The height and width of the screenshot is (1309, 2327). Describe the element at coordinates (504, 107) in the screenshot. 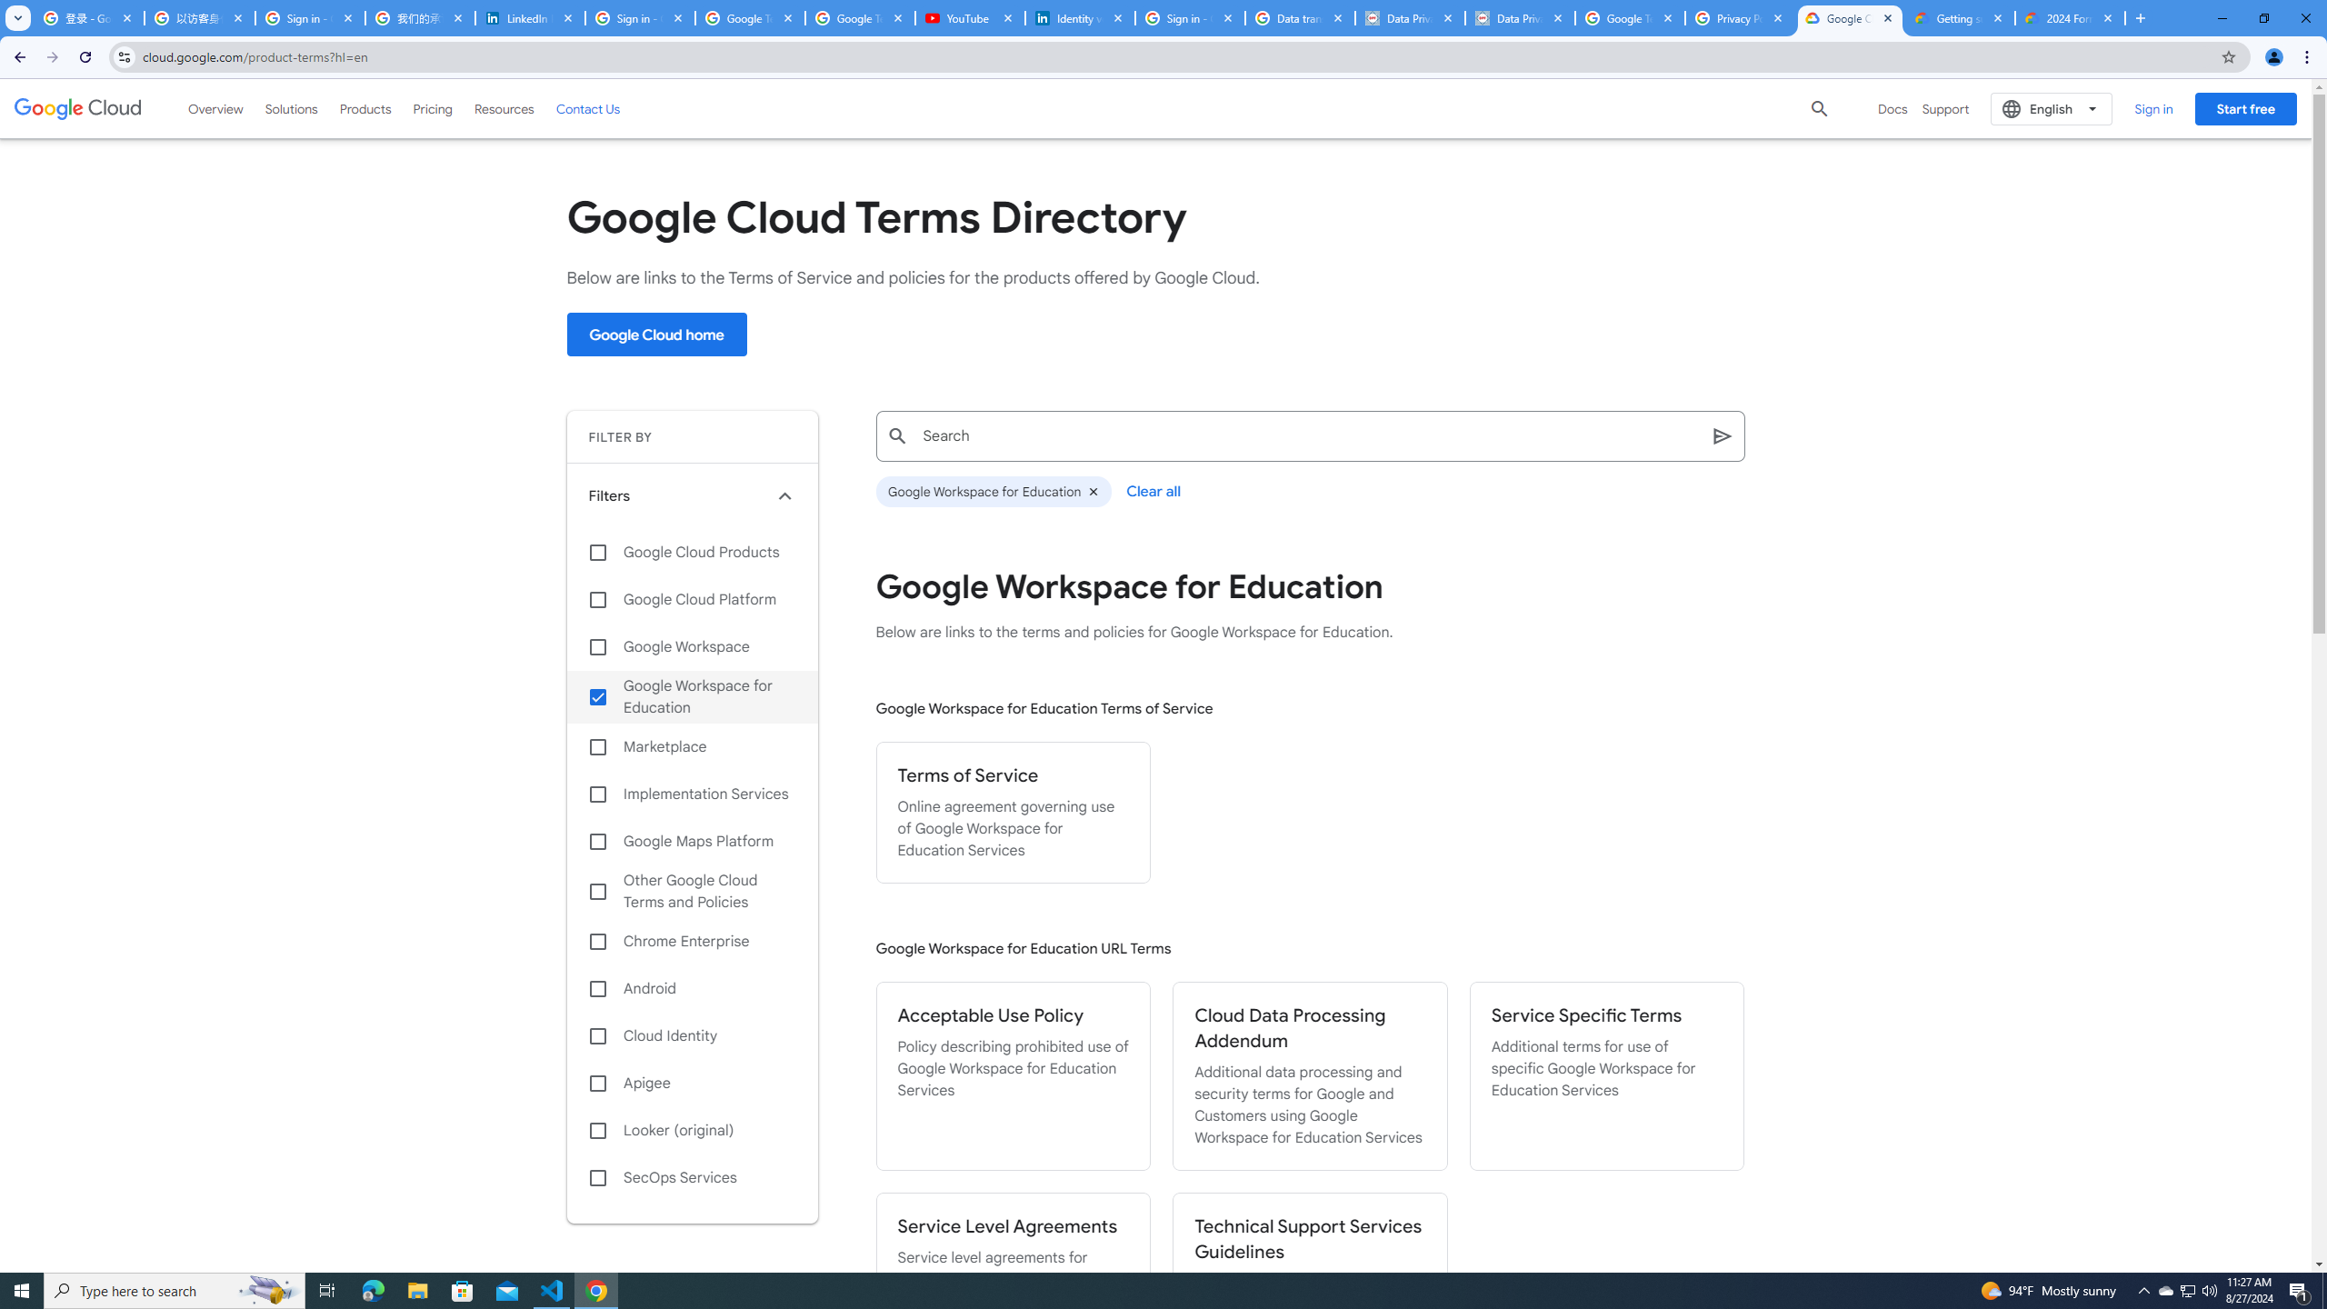

I see `'Resources'` at that location.